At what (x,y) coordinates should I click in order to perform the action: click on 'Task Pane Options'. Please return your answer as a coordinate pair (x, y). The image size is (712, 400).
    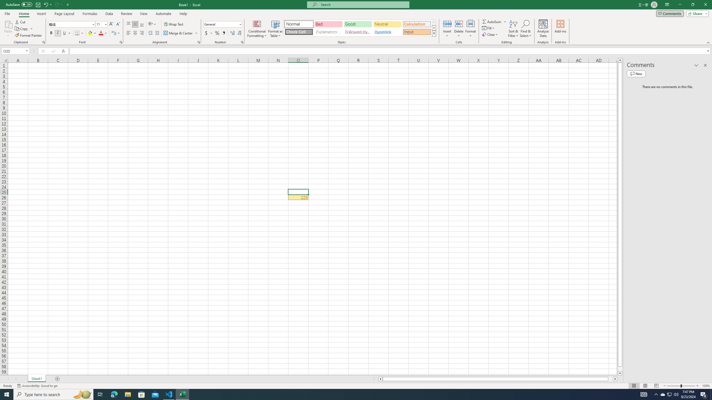
    Looking at the image, I should click on (696, 65).